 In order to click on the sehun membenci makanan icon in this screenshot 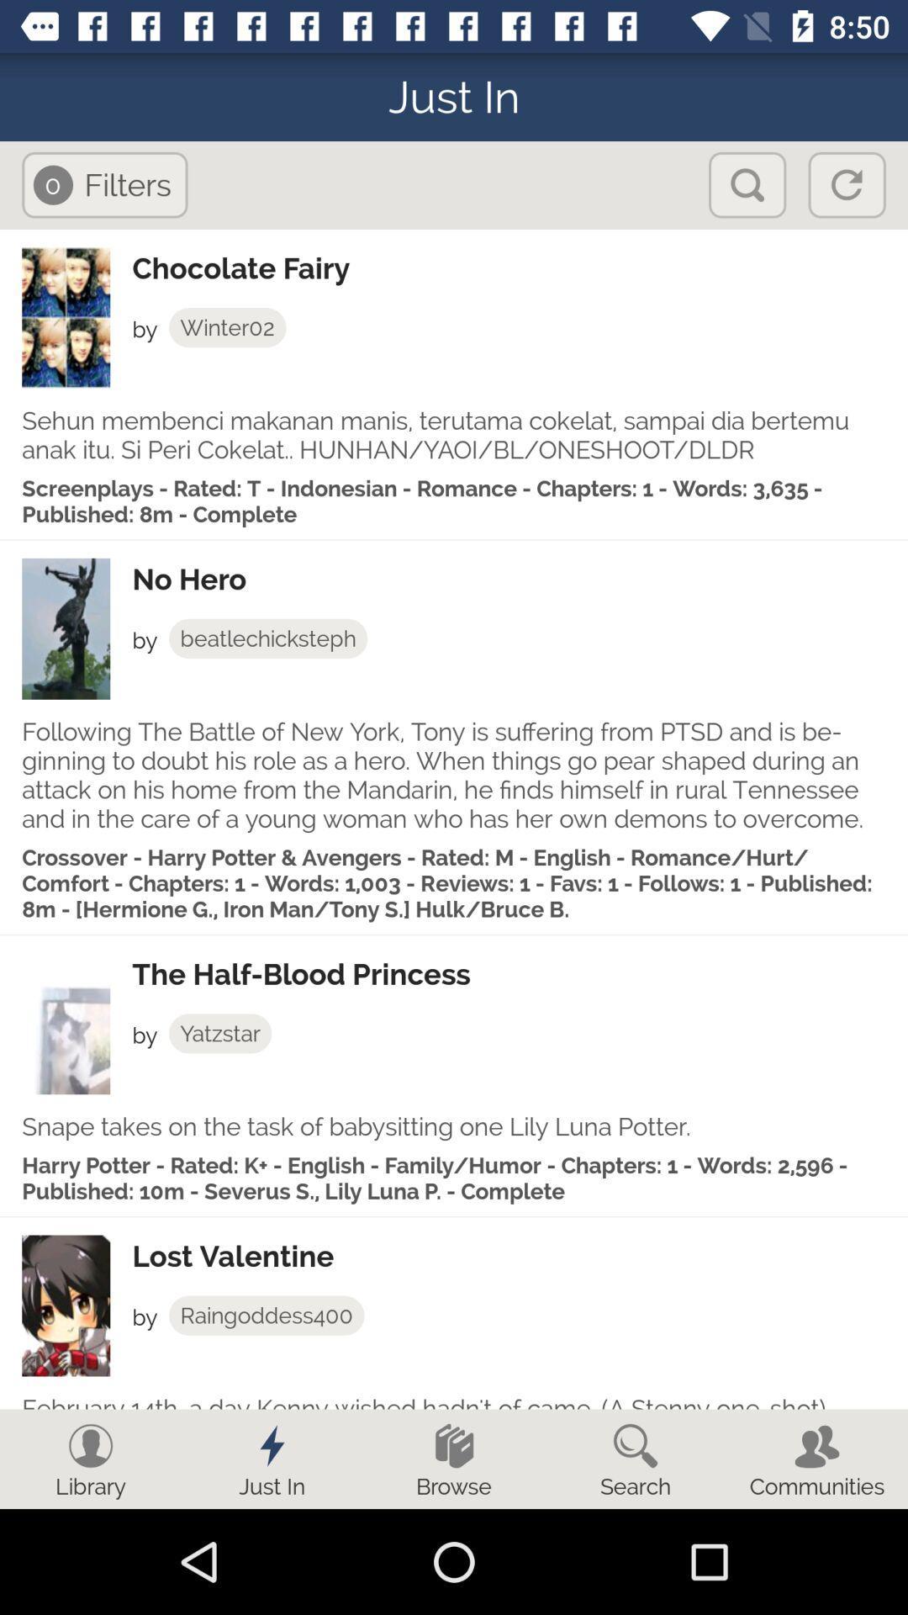, I will do `click(454, 435)`.